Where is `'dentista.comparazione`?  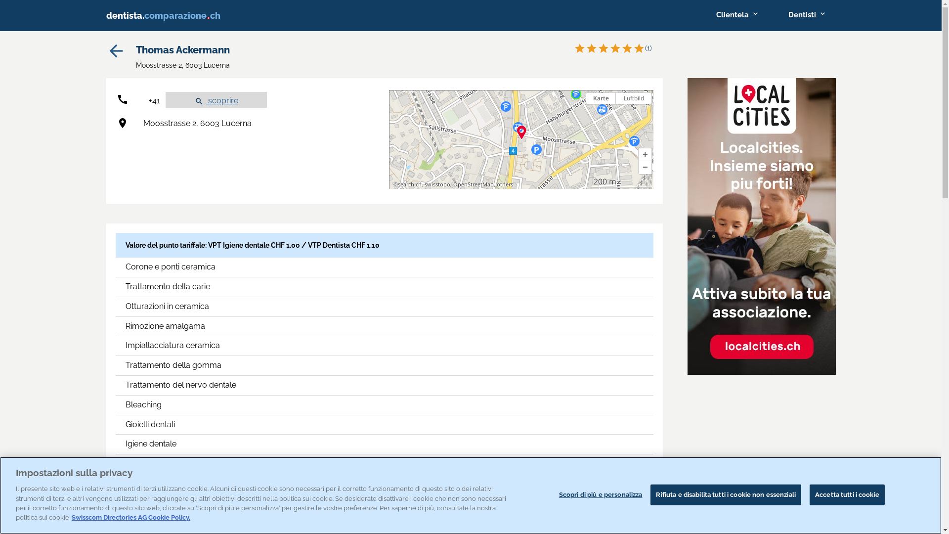
'dentista.comparazione is located at coordinates (170, 15).